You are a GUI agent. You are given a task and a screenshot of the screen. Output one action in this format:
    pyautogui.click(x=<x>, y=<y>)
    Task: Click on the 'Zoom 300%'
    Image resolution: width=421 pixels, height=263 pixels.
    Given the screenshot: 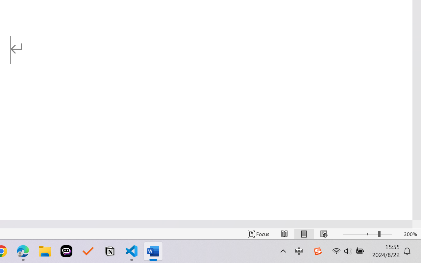 What is the action you would take?
    pyautogui.click(x=410, y=234)
    